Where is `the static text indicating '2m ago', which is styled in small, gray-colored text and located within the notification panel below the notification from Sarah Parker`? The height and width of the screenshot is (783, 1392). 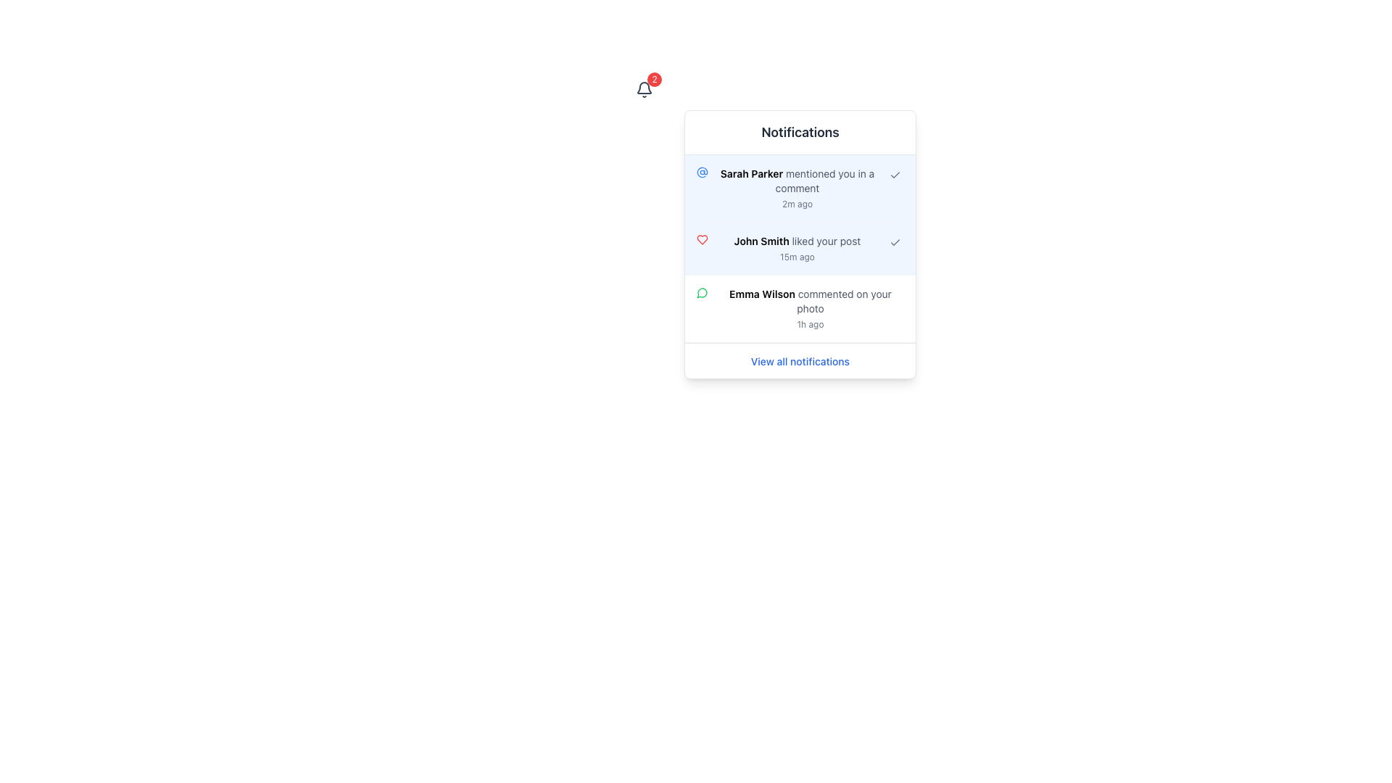 the static text indicating '2m ago', which is styled in small, gray-colored text and located within the notification panel below the notification from Sarah Parker is located at coordinates (796, 204).